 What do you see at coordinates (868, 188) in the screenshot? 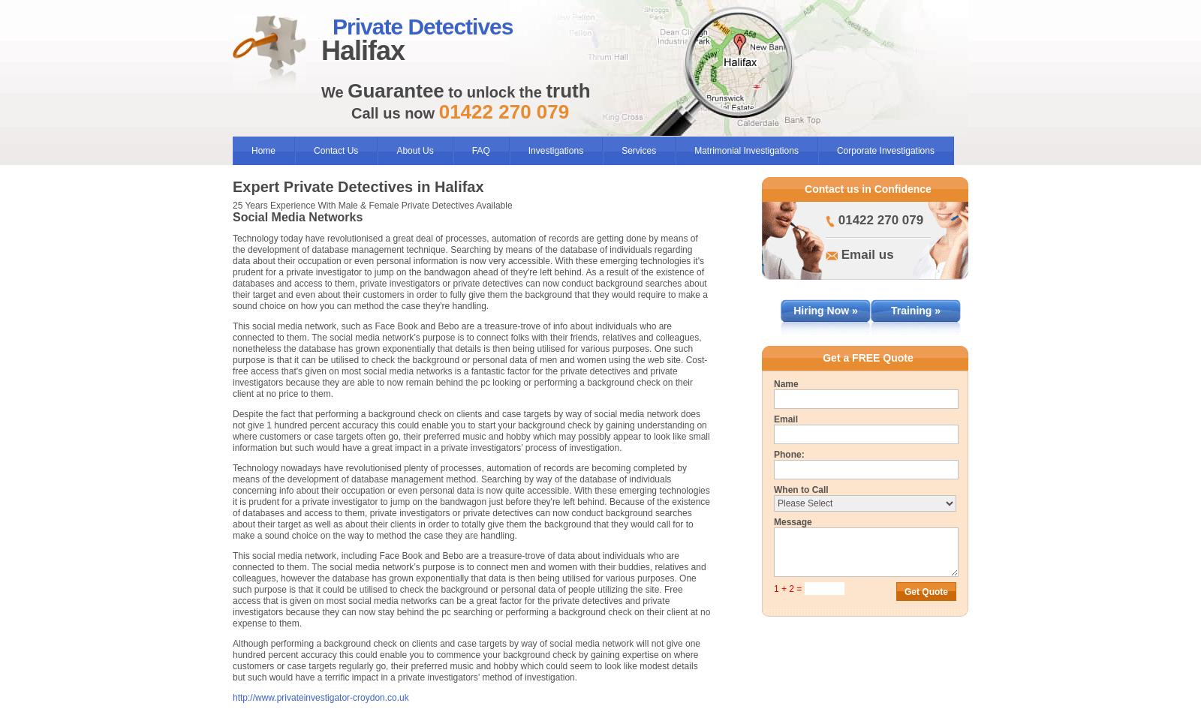
I see `'Contact us in Confidence'` at bounding box center [868, 188].